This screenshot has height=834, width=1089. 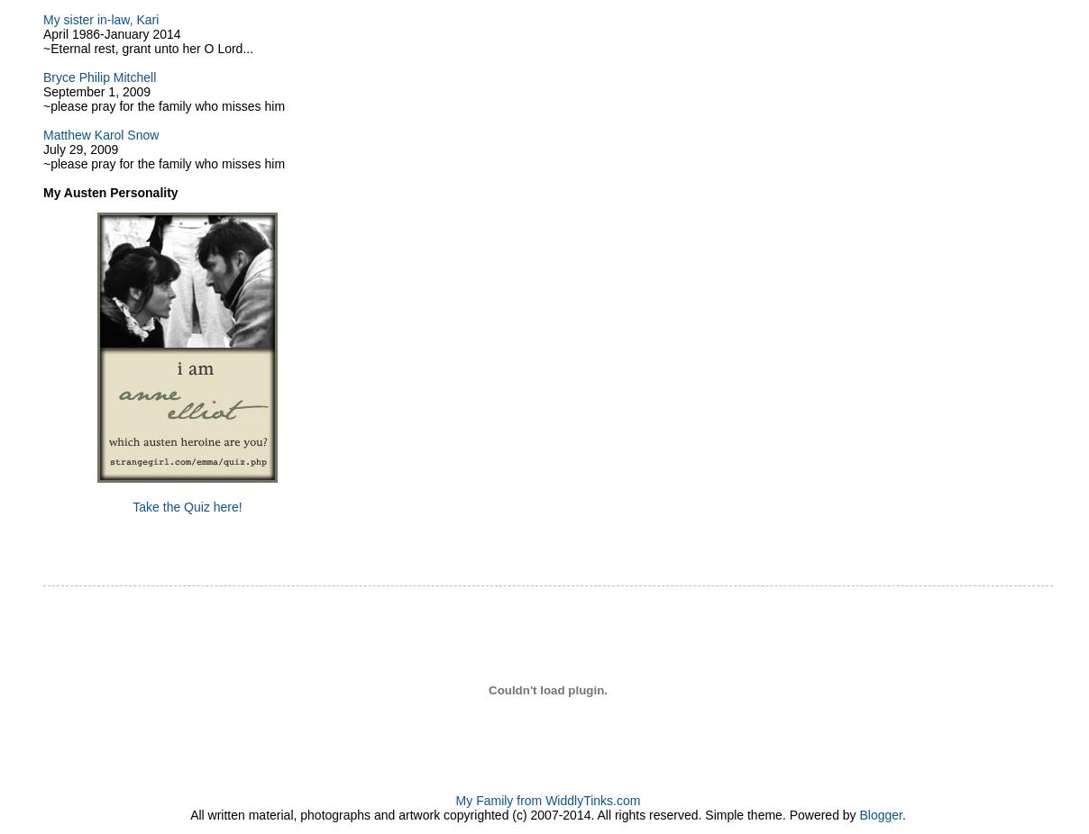 What do you see at coordinates (99, 134) in the screenshot?
I see `'Matthew Karol Snow'` at bounding box center [99, 134].